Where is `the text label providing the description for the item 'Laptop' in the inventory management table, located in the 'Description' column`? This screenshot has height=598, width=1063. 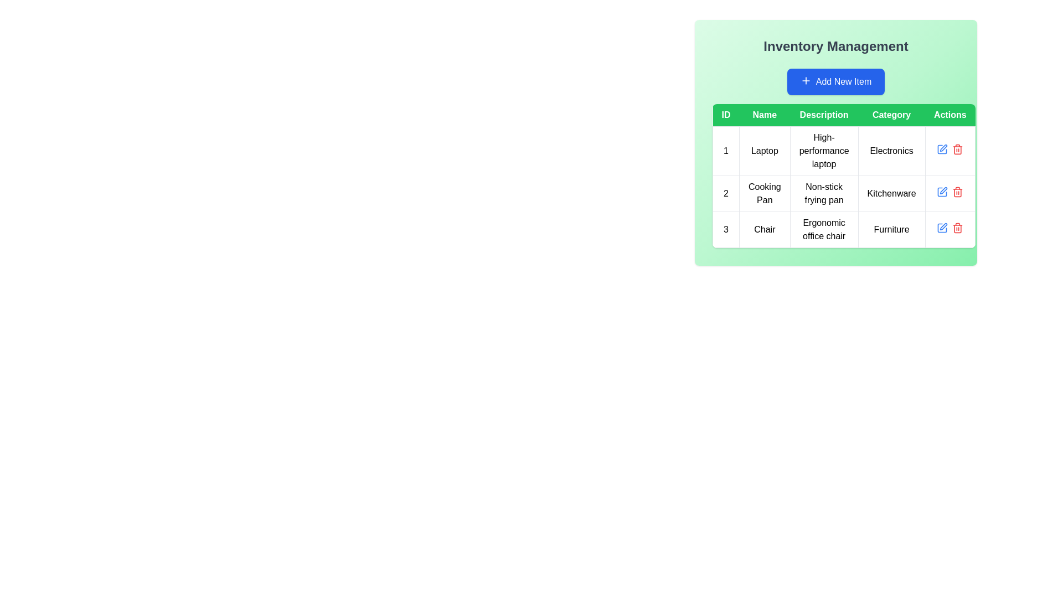 the text label providing the description for the item 'Laptop' in the inventory management table, located in the 'Description' column is located at coordinates (824, 151).